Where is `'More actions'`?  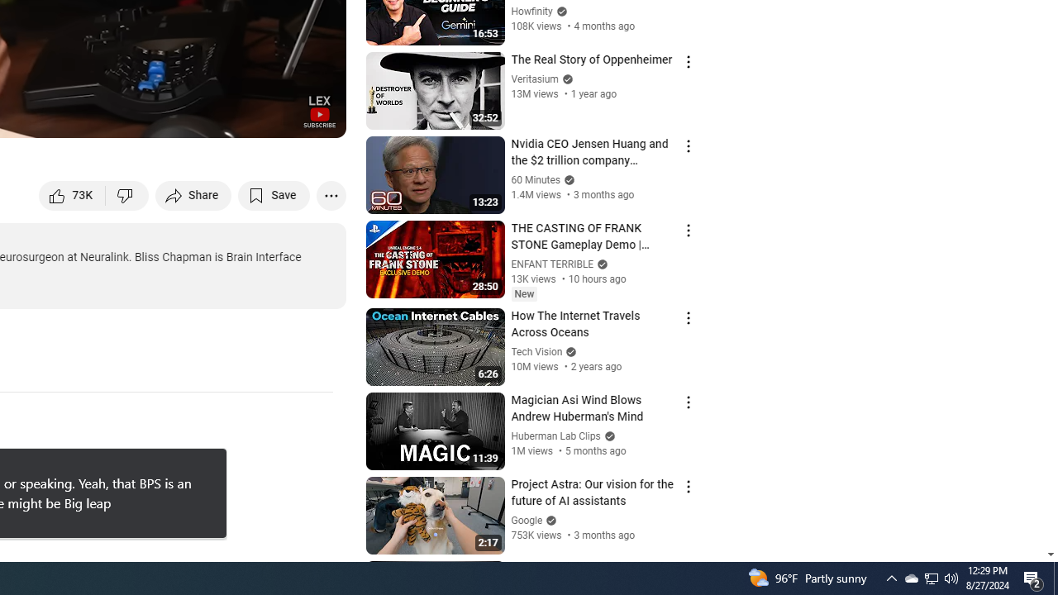
'More actions' is located at coordinates (331, 194).